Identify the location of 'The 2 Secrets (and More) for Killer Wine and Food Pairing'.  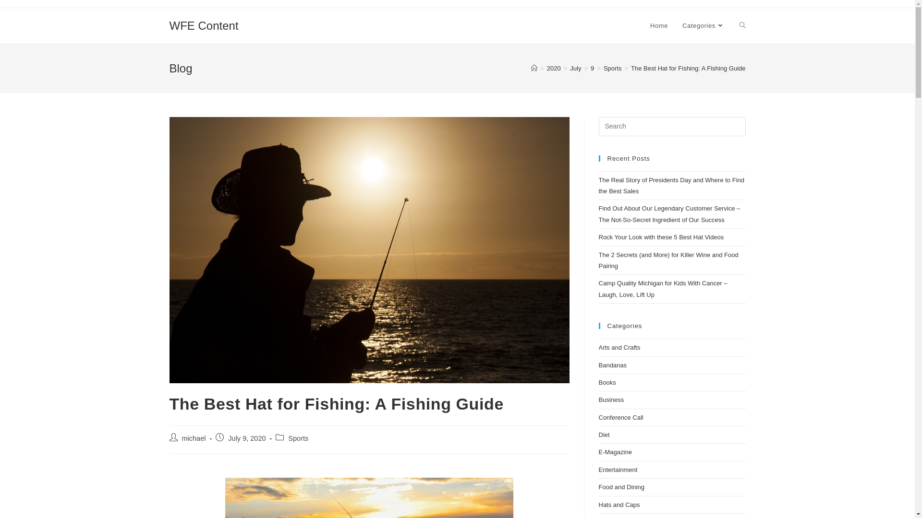
(667, 260).